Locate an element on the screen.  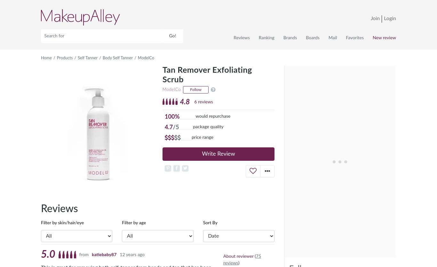
'About reviewer (' is located at coordinates (239, 256).